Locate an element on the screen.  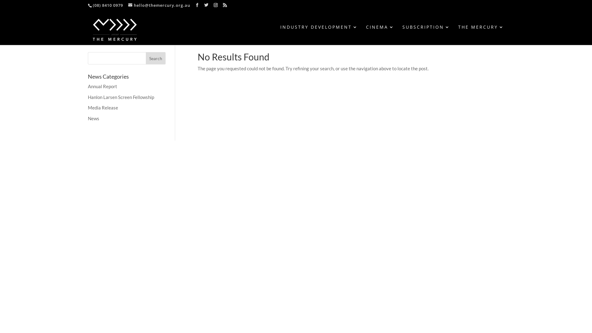
'Annual Report' is located at coordinates (102, 86).